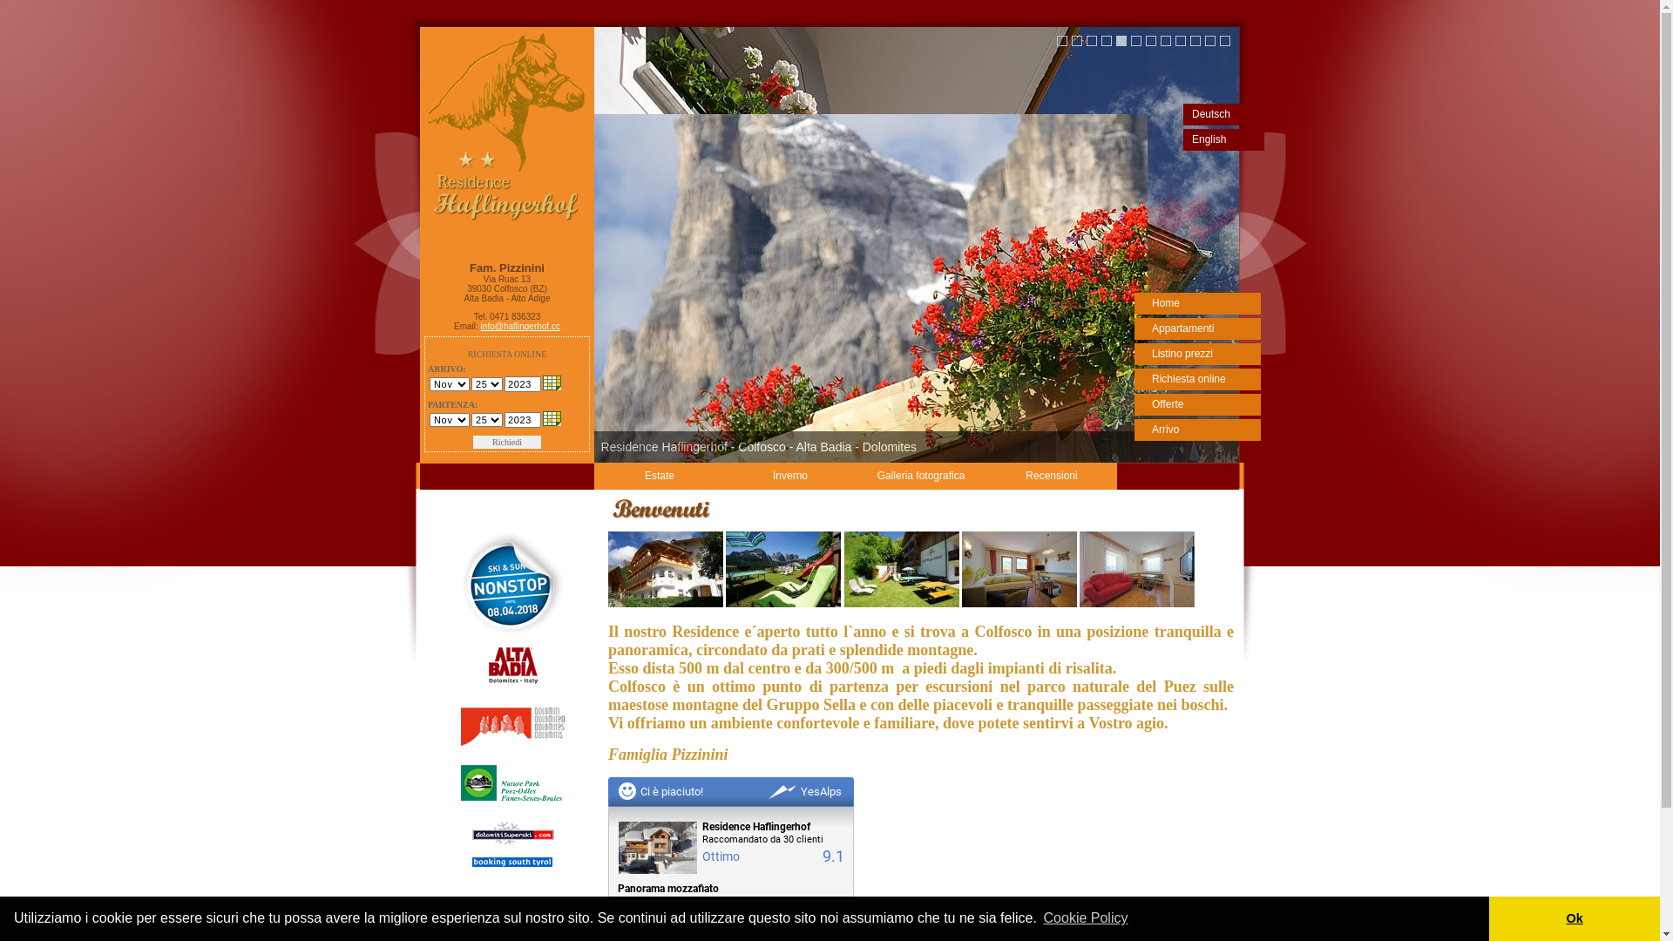  Describe the element at coordinates (789, 476) in the screenshot. I see `'Inverno'` at that location.